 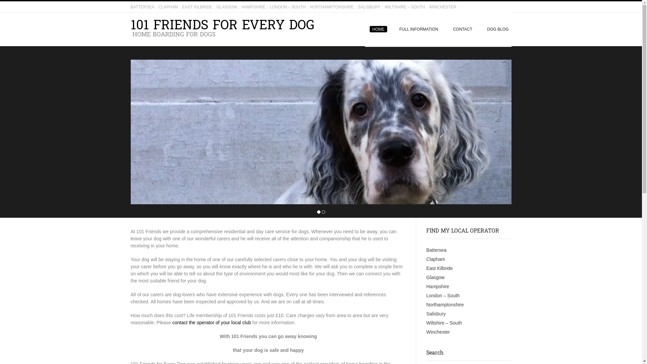 I want to click on 'SALISBURY', so click(x=369, y=7).